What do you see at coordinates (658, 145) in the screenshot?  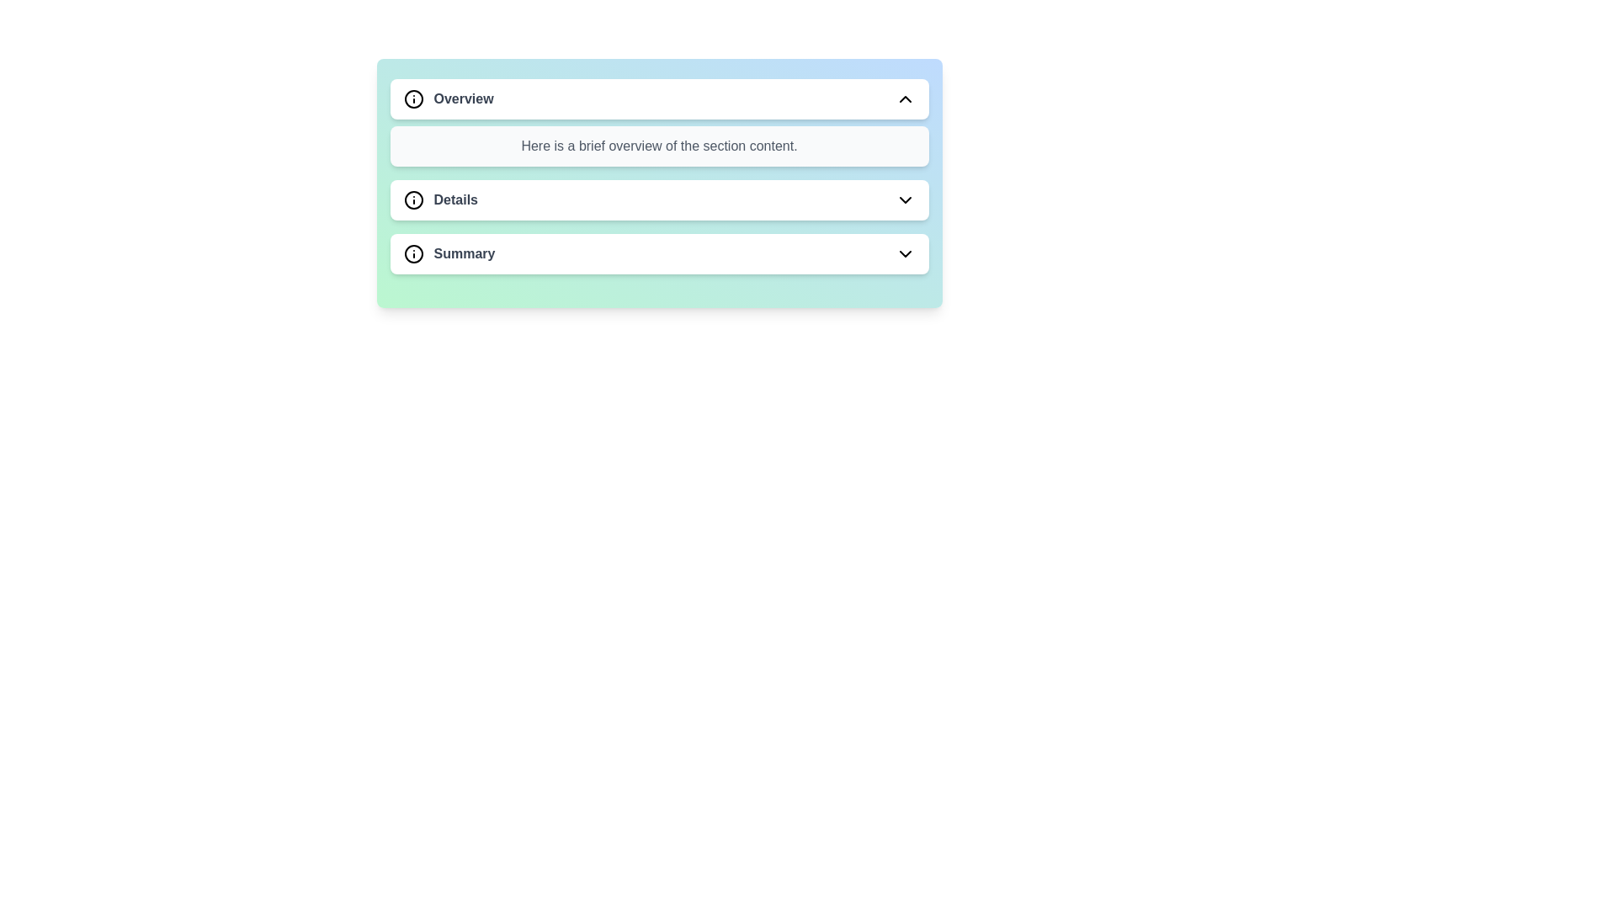 I see `the static informational text section located below the 'Overview' header` at bounding box center [658, 145].